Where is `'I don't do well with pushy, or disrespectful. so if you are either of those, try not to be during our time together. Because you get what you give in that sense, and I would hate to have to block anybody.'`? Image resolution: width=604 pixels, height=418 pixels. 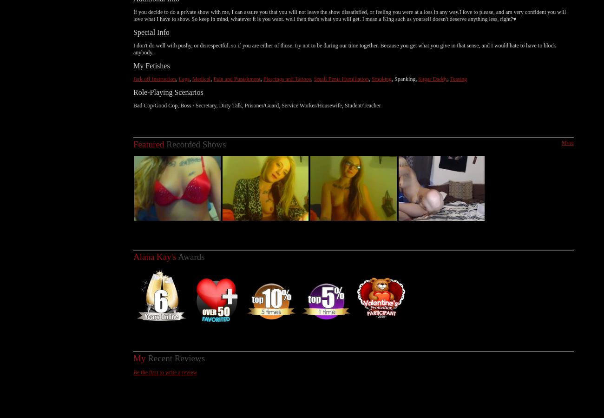 'I don't do well with pushy, or disrespectful. so if you are either of those, try not to be during our time together. Because you get what you give in that sense, and I would hate to have to block anybody.' is located at coordinates (344, 38).